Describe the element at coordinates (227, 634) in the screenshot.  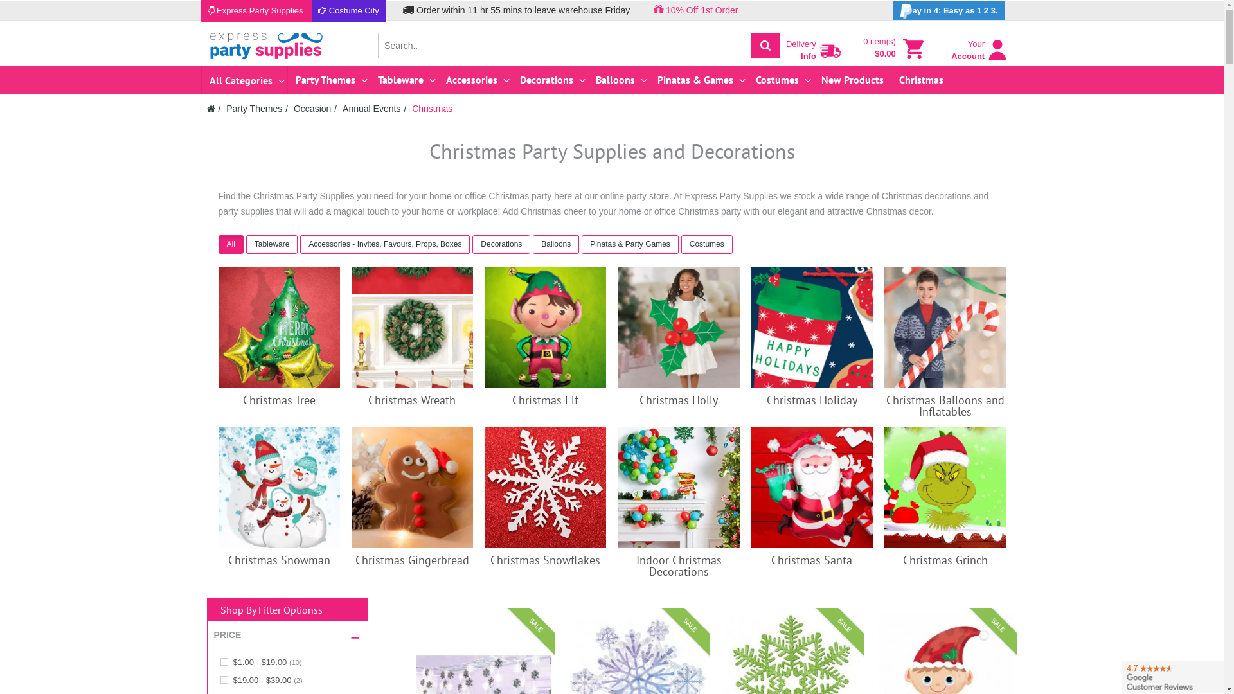
I see `'PRICE'` at that location.